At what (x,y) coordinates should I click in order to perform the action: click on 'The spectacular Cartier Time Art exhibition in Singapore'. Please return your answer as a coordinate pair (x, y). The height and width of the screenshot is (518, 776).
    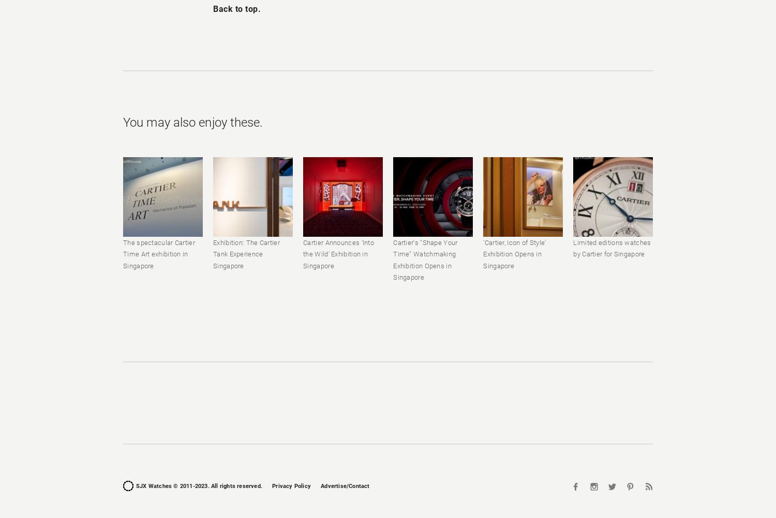
    Looking at the image, I should click on (159, 253).